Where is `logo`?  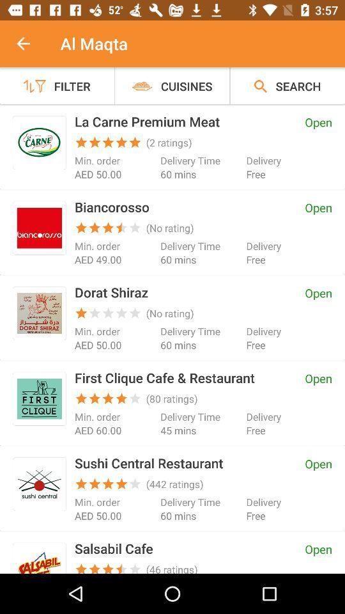 logo is located at coordinates (39, 560).